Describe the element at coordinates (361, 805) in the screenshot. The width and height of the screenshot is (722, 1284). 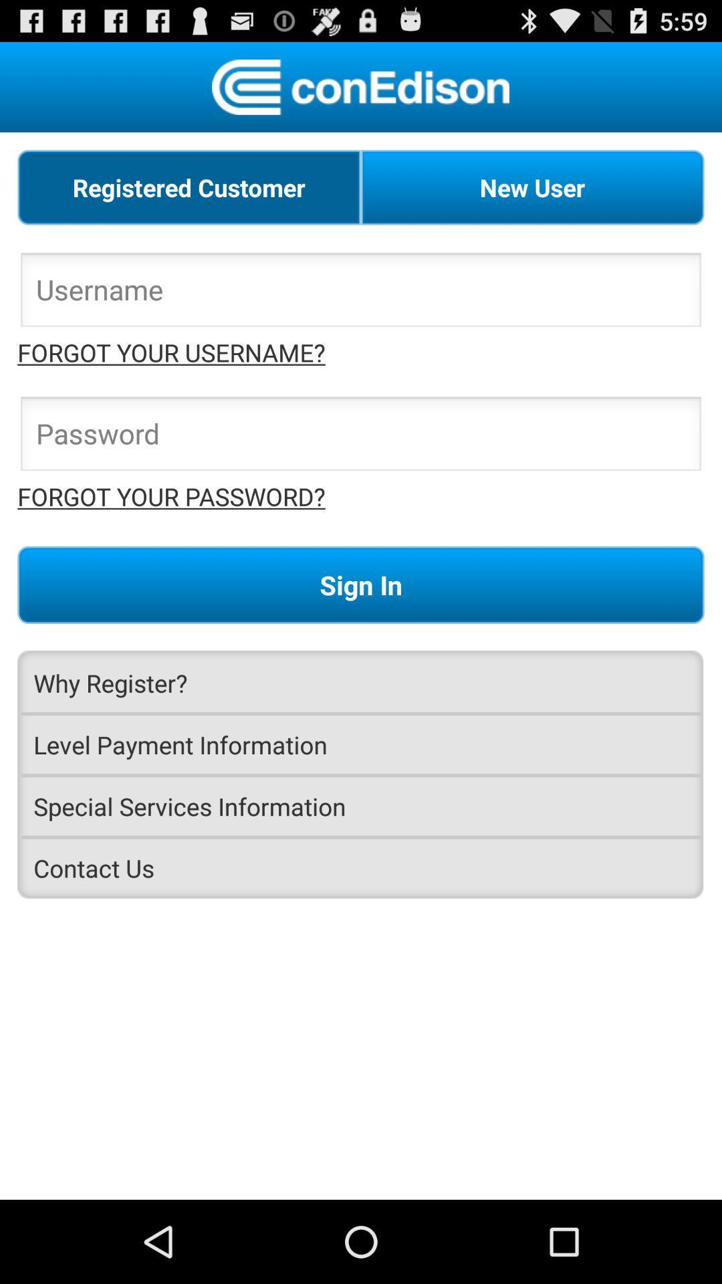
I see `the special services information` at that location.